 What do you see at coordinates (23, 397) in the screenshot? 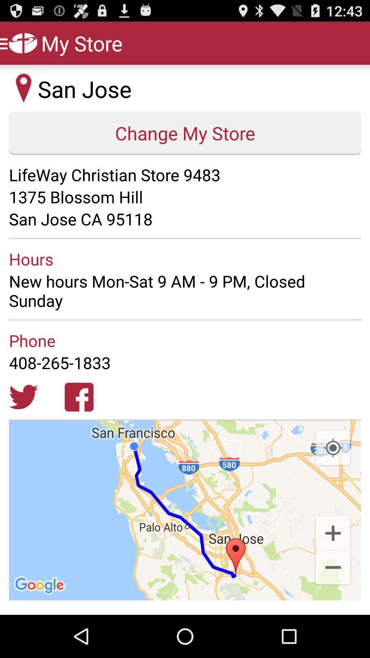
I see `showing twitter option` at bounding box center [23, 397].